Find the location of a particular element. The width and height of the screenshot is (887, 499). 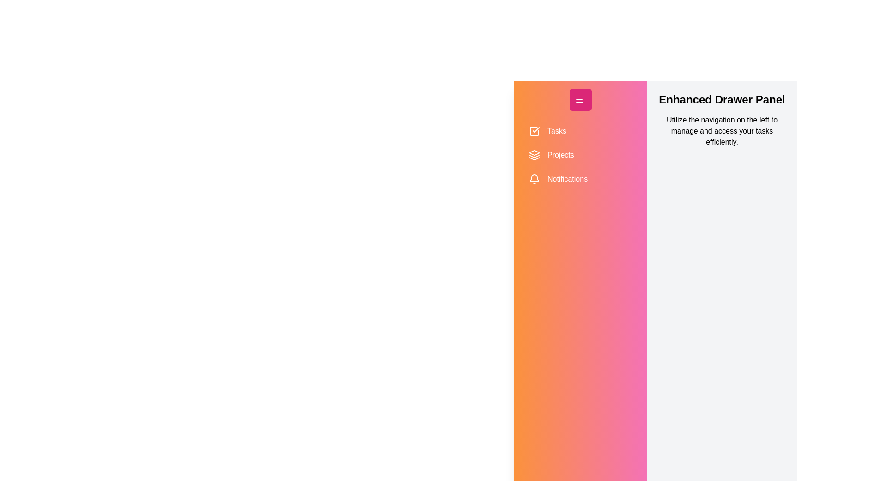

the navigation item Tasks to interact with it is located at coordinates (580, 131).